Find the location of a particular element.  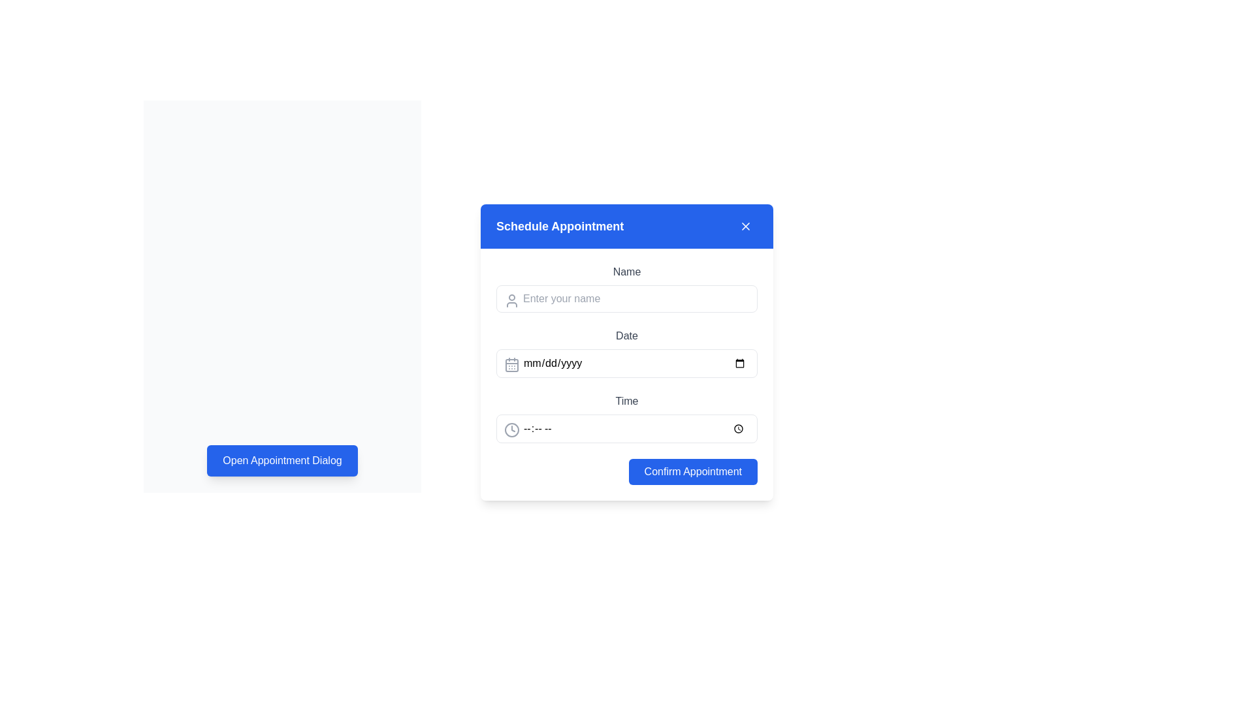

the calendar icon located to the left of the date input field labeled 'Date' in the 'Schedule Appointment' dialog box is located at coordinates (511, 365).